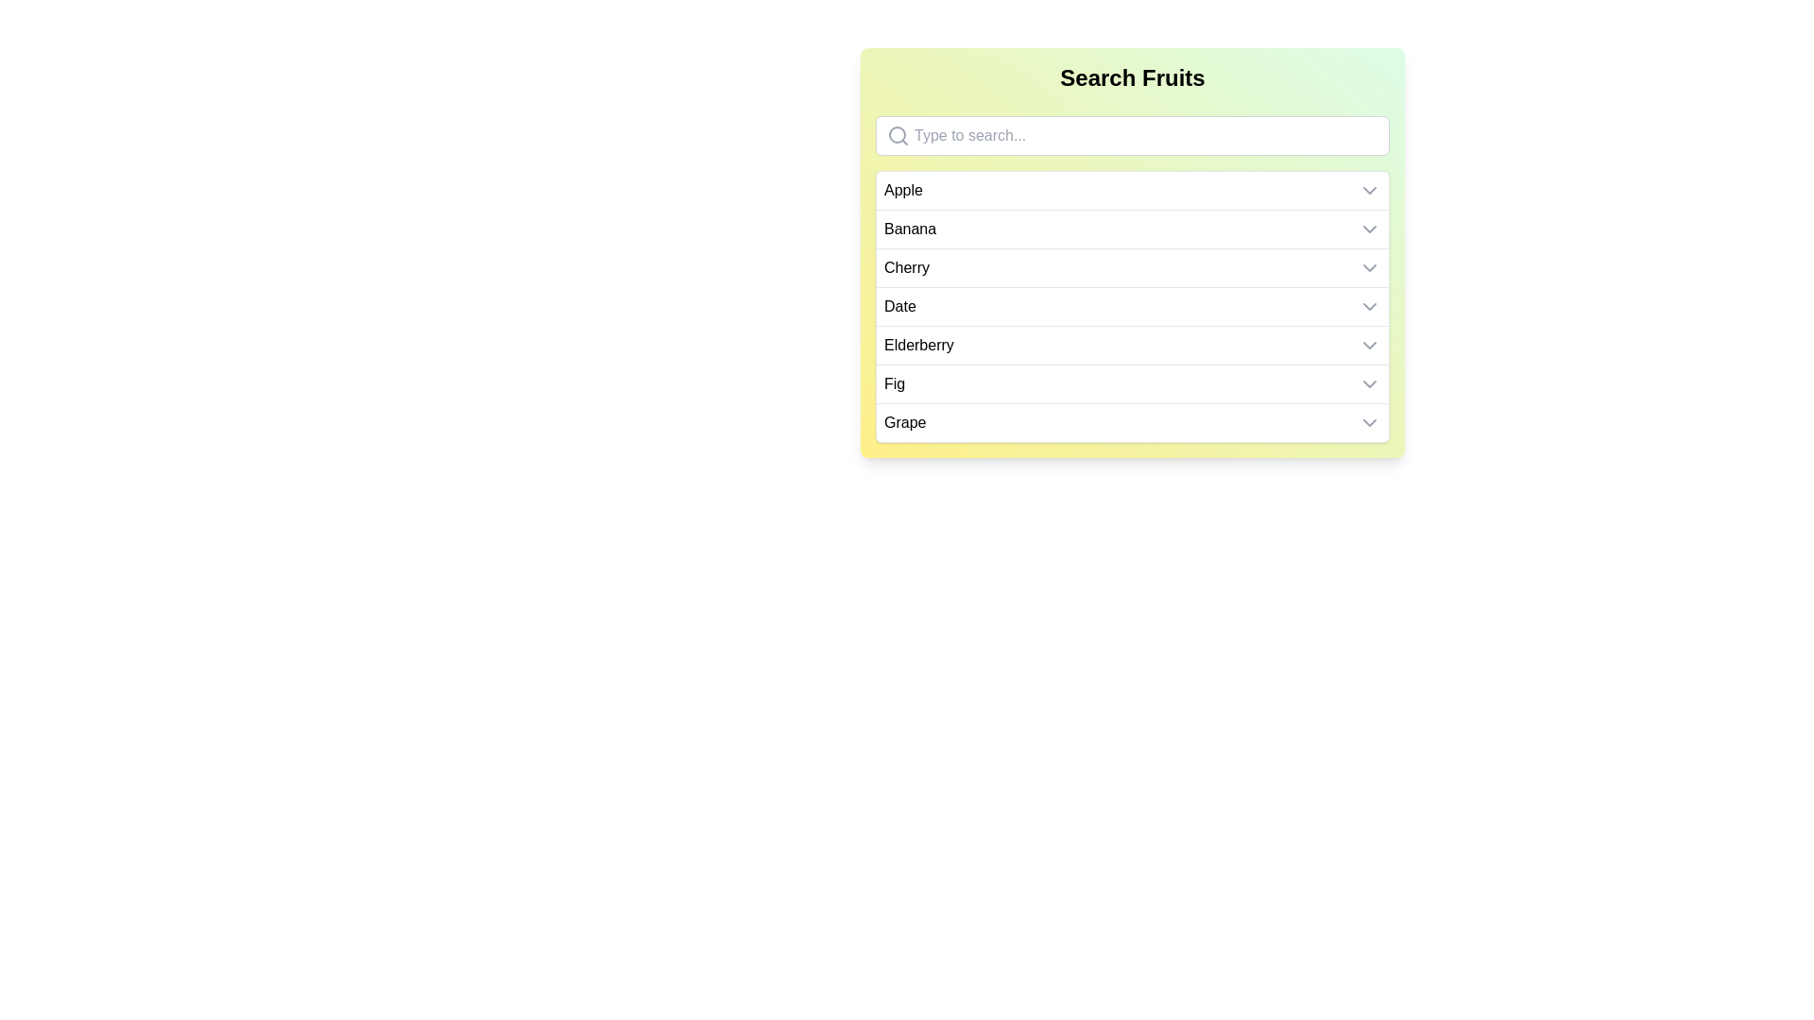 This screenshot has height=1020, width=1814. What do you see at coordinates (1369, 268) in the screenshot?
I see `the downward-pointing gray chevron icon located at the far-right side of the row labeled 'Cherry'` at bounding box center [1369, 268].